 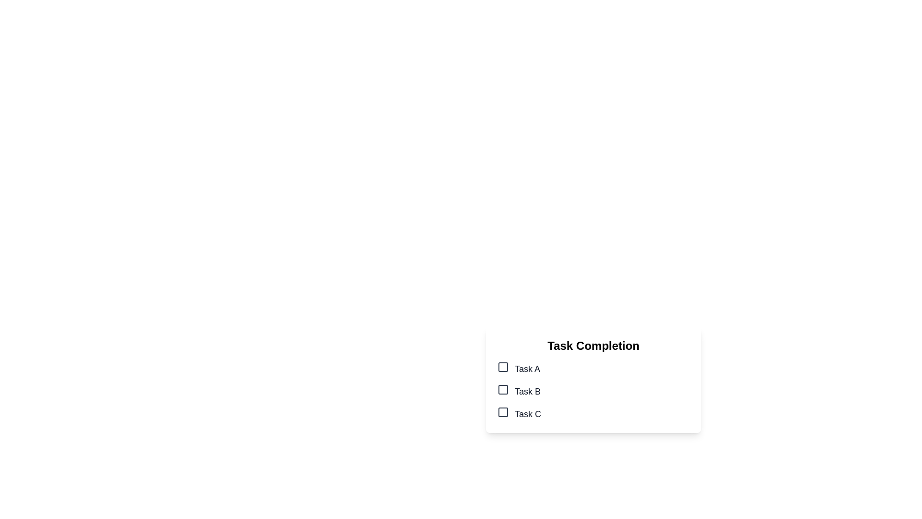 I want to click on the checkbox for 'Task A', so click(x=502, y=367).